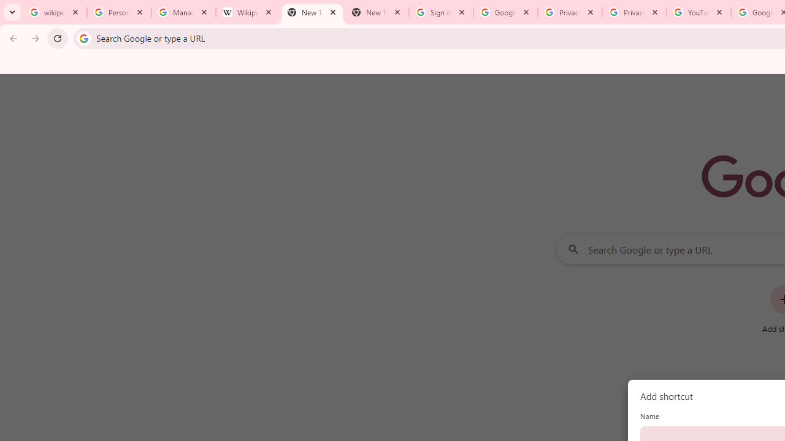  Describe the element at coordinates (119, 12) in the screenshot. I see `'Personalization & Google Search results - Google Search Help'` at that location.